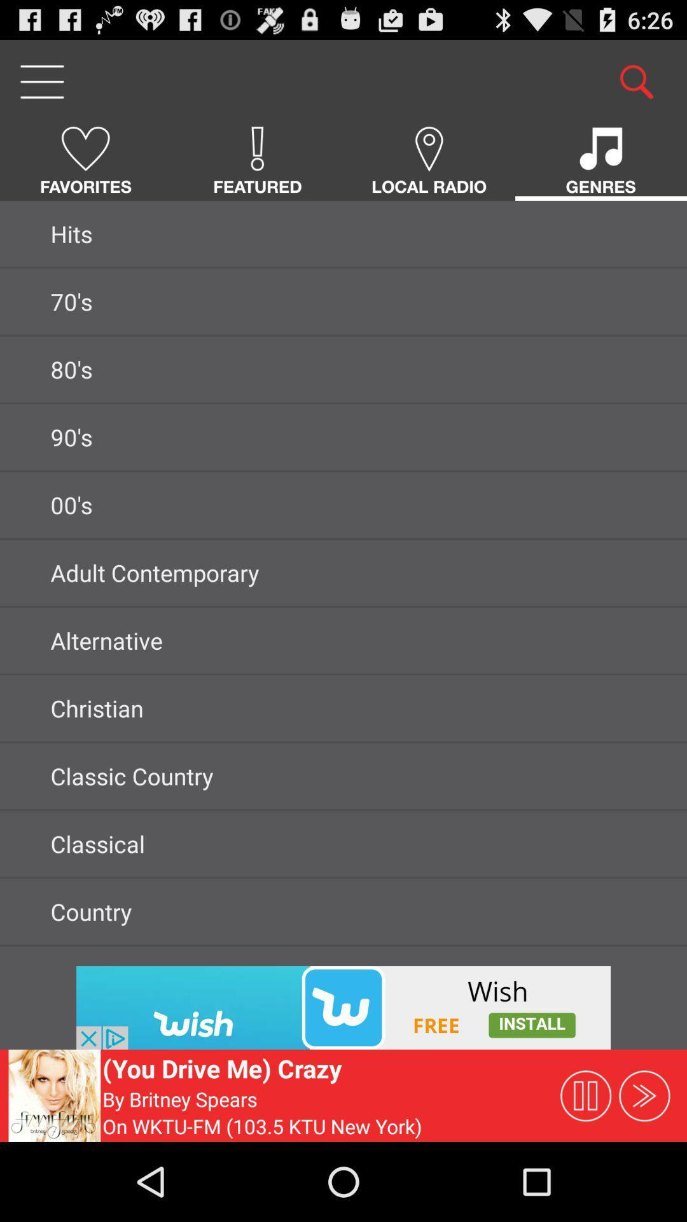  What do you see at coordinates (585, 1172) in the screenshot?
I see `the pause icon` at bounding box center [585, 1172].